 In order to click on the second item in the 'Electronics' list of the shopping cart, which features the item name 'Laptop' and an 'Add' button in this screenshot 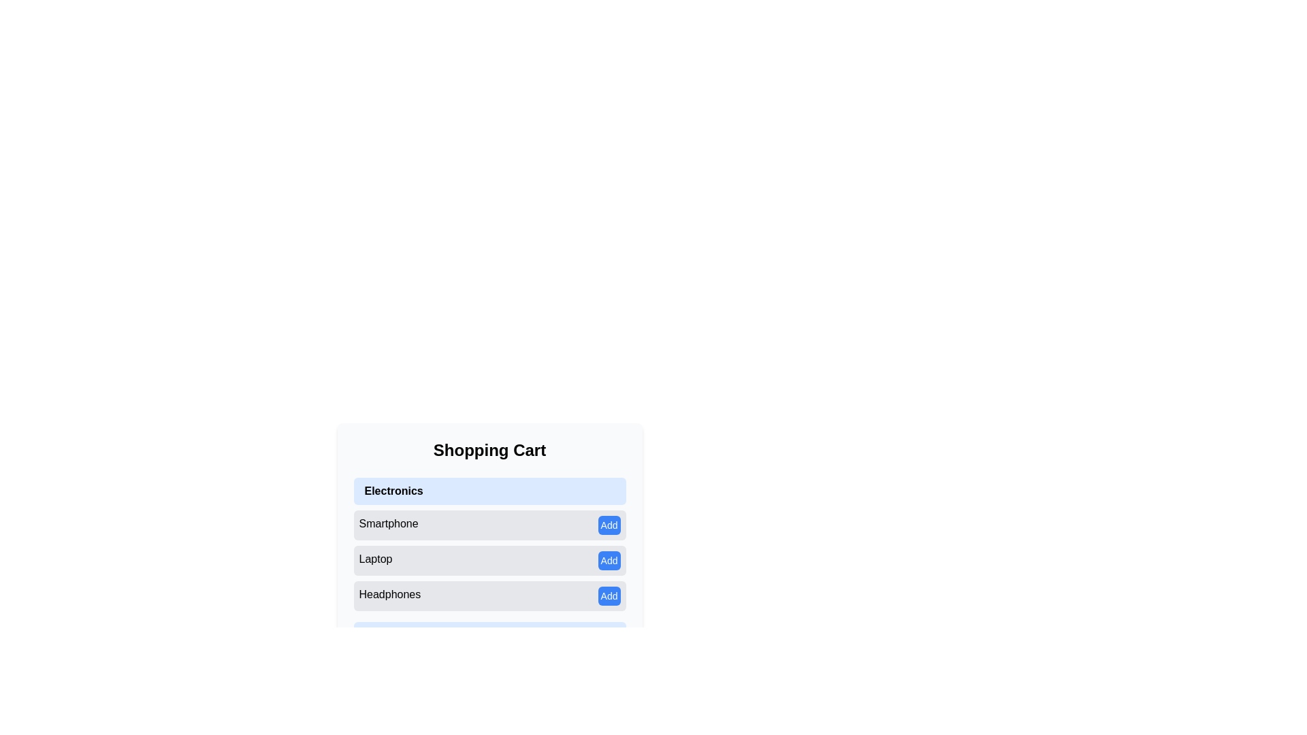, I will do `click(489, 543)`.